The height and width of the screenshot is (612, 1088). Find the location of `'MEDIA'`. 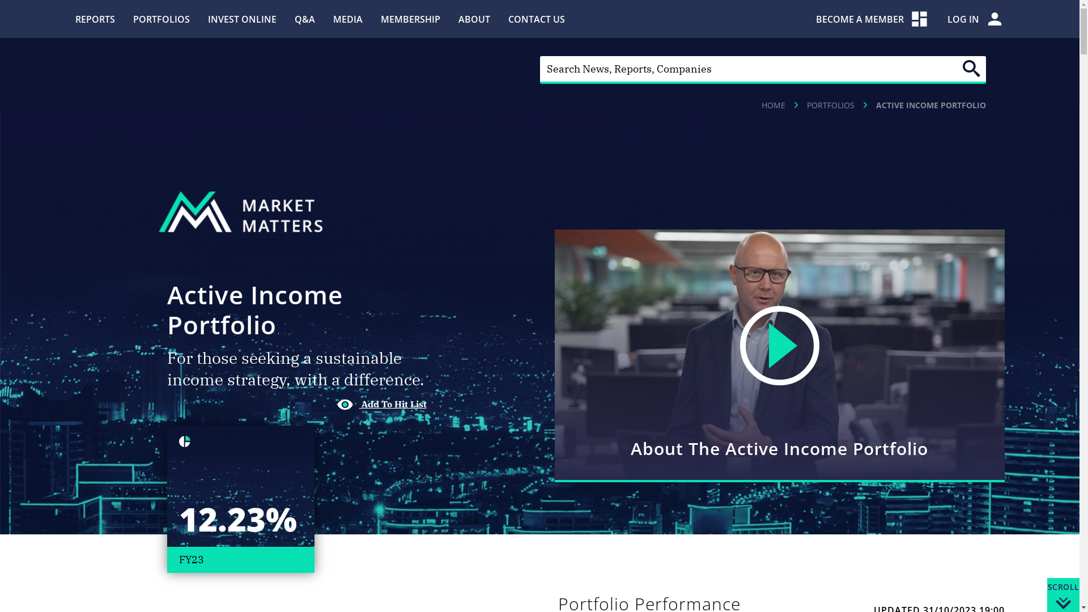

'MEDIA' is located at coordinates (333, 19).